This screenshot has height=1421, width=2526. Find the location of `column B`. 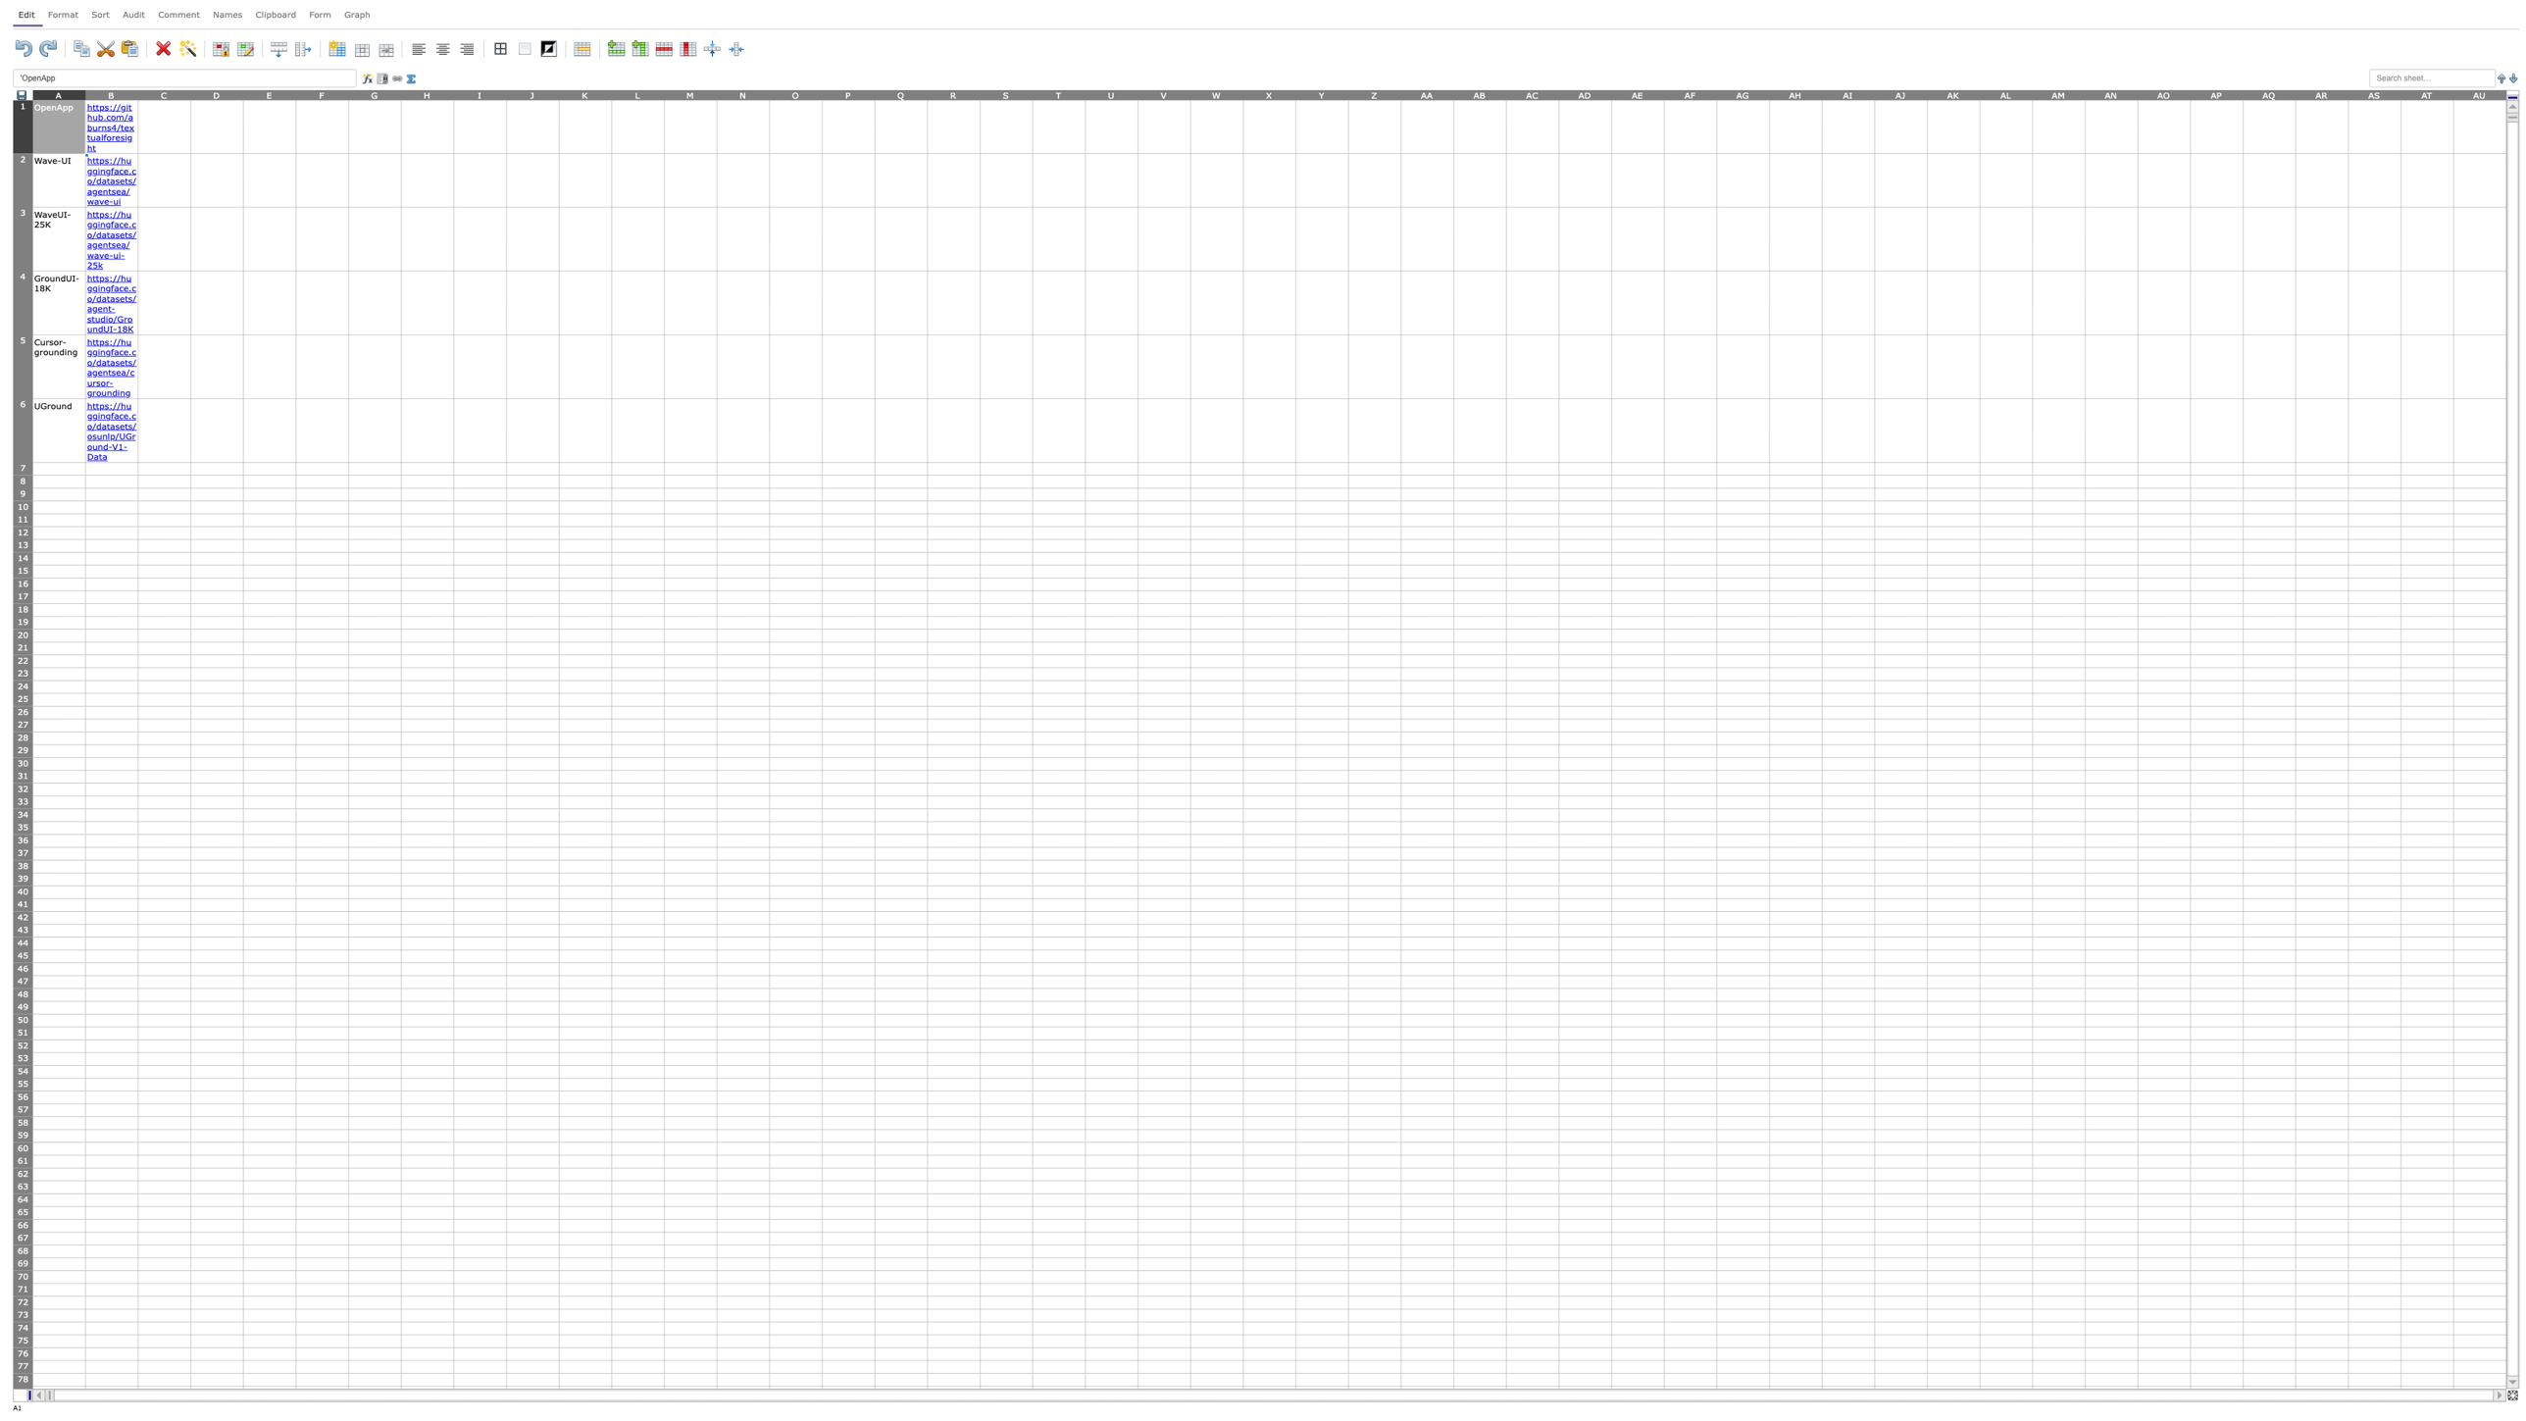

column B is located at coordinates (111, 93).